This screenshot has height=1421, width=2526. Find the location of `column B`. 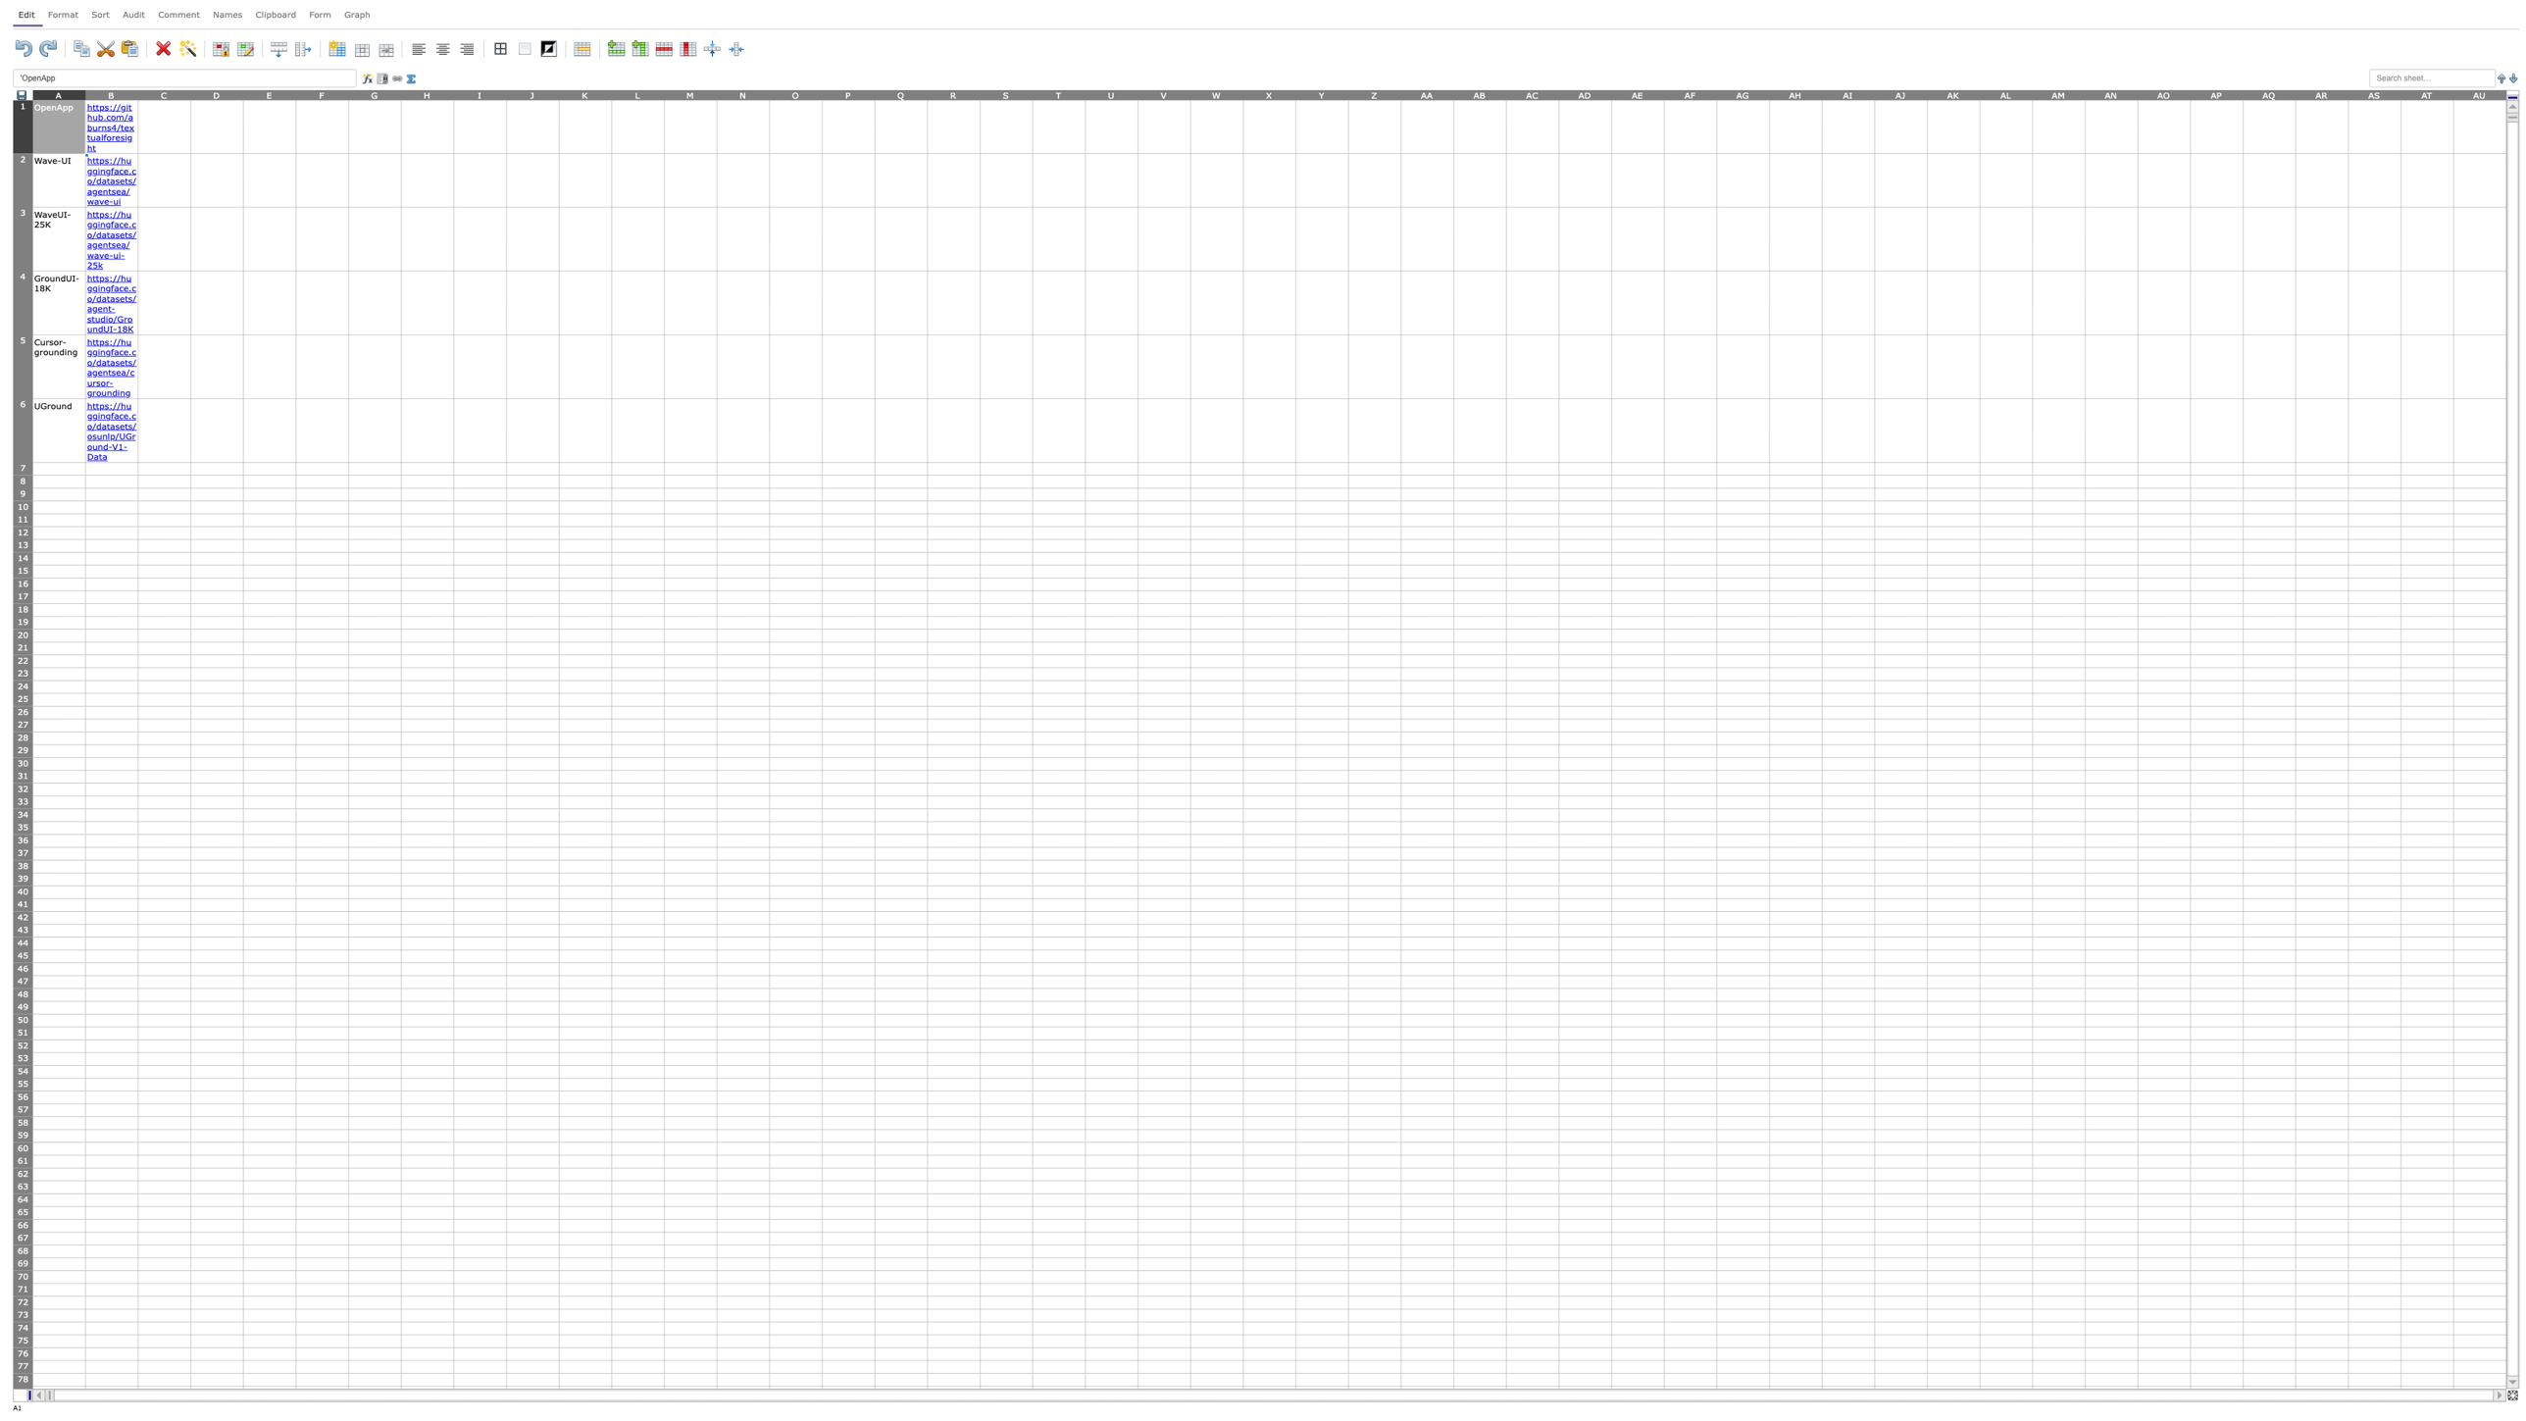

column B is located at coordinates (111, 93).